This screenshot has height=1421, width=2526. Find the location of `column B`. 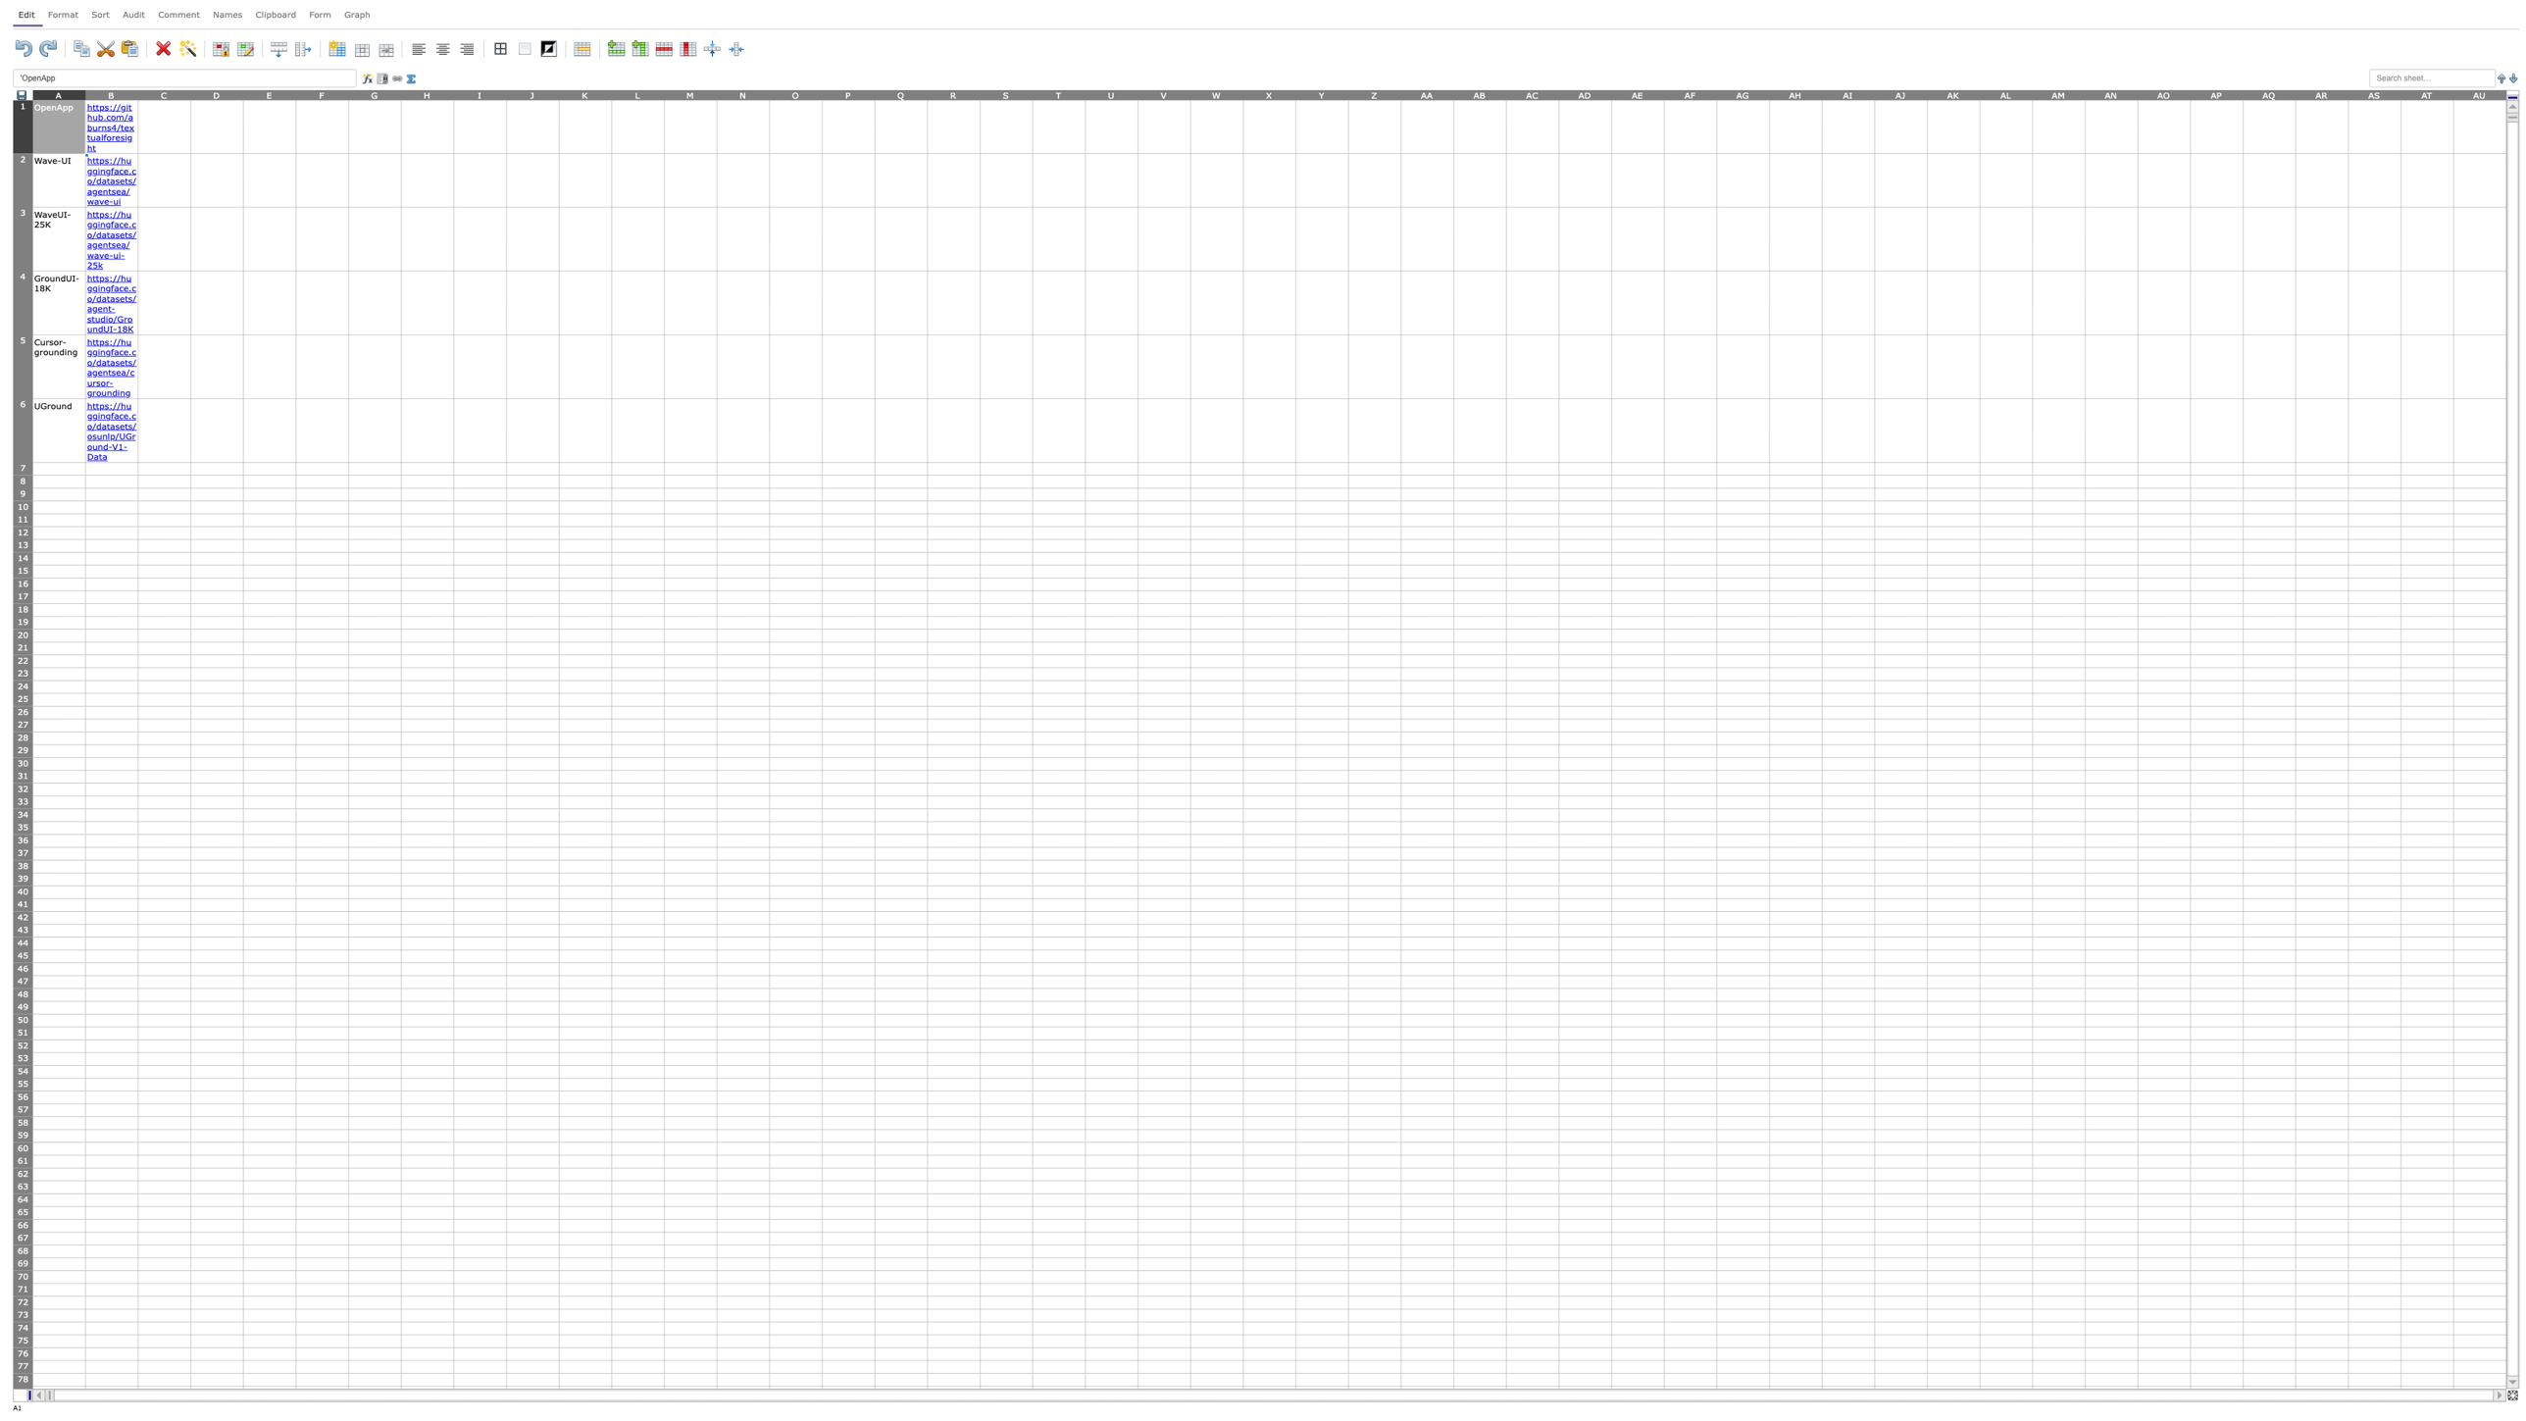

column B is located at coordinates (111, 93).